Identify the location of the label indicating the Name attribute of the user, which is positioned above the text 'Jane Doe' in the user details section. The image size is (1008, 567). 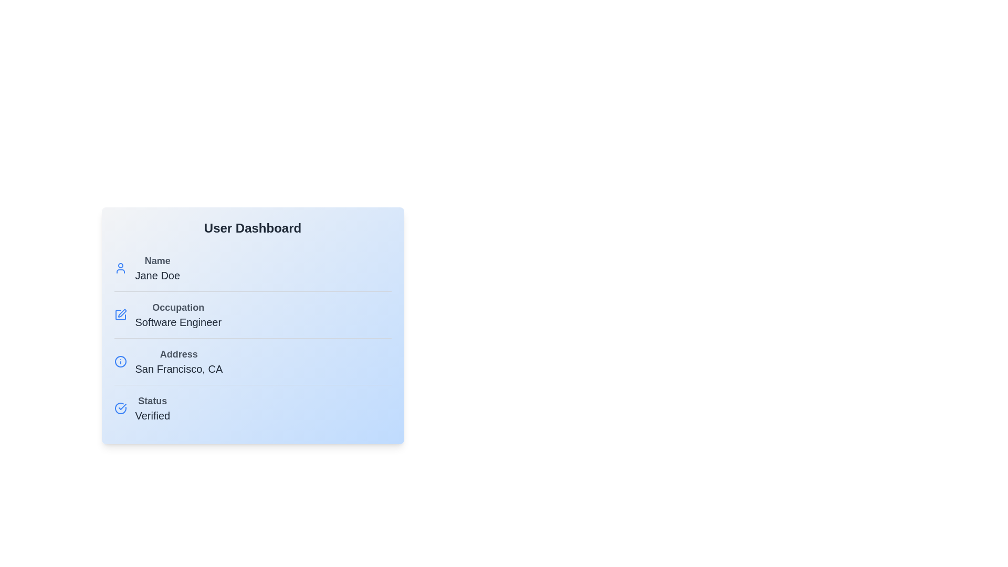
(157, 260).